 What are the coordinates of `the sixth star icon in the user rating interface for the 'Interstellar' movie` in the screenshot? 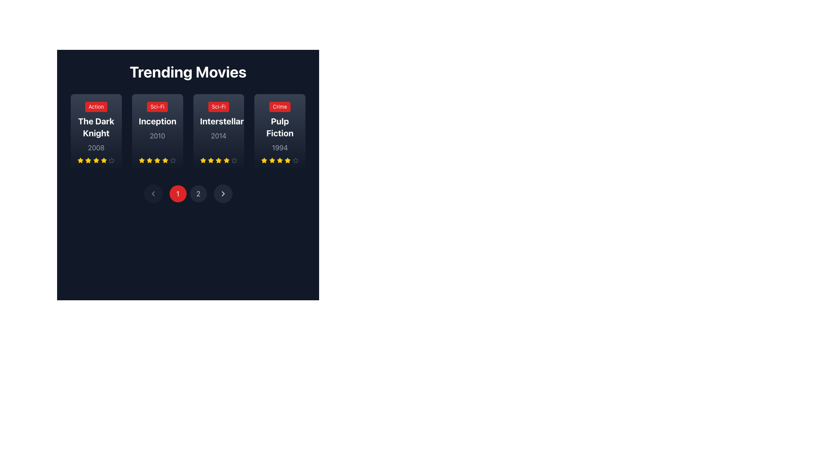 It's located at (226, 160).